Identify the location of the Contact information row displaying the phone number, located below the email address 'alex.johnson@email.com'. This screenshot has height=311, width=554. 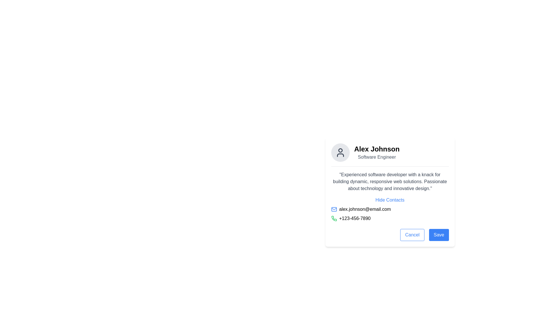
(390, 219).